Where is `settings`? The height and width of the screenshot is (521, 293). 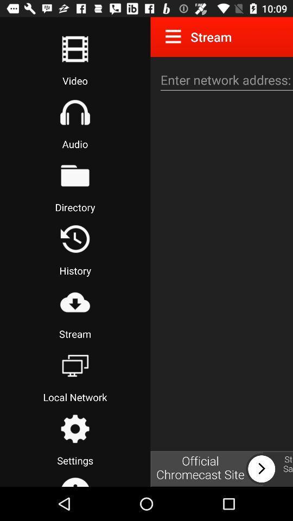
settings is located at coordinates (74, 429).